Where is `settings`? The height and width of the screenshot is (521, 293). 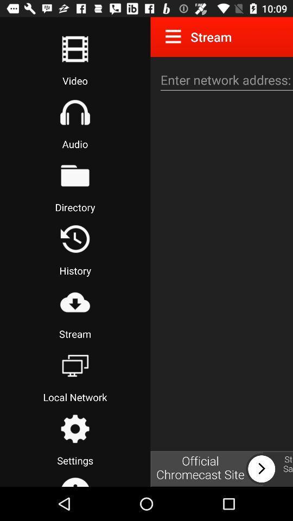
settings is located at coordinates (74, 429).